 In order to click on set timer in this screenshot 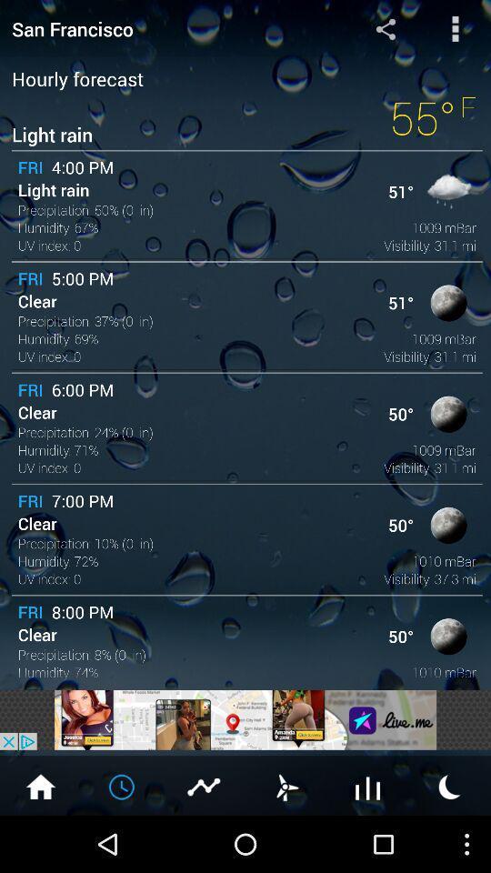, I will do `click(286, 785)`.